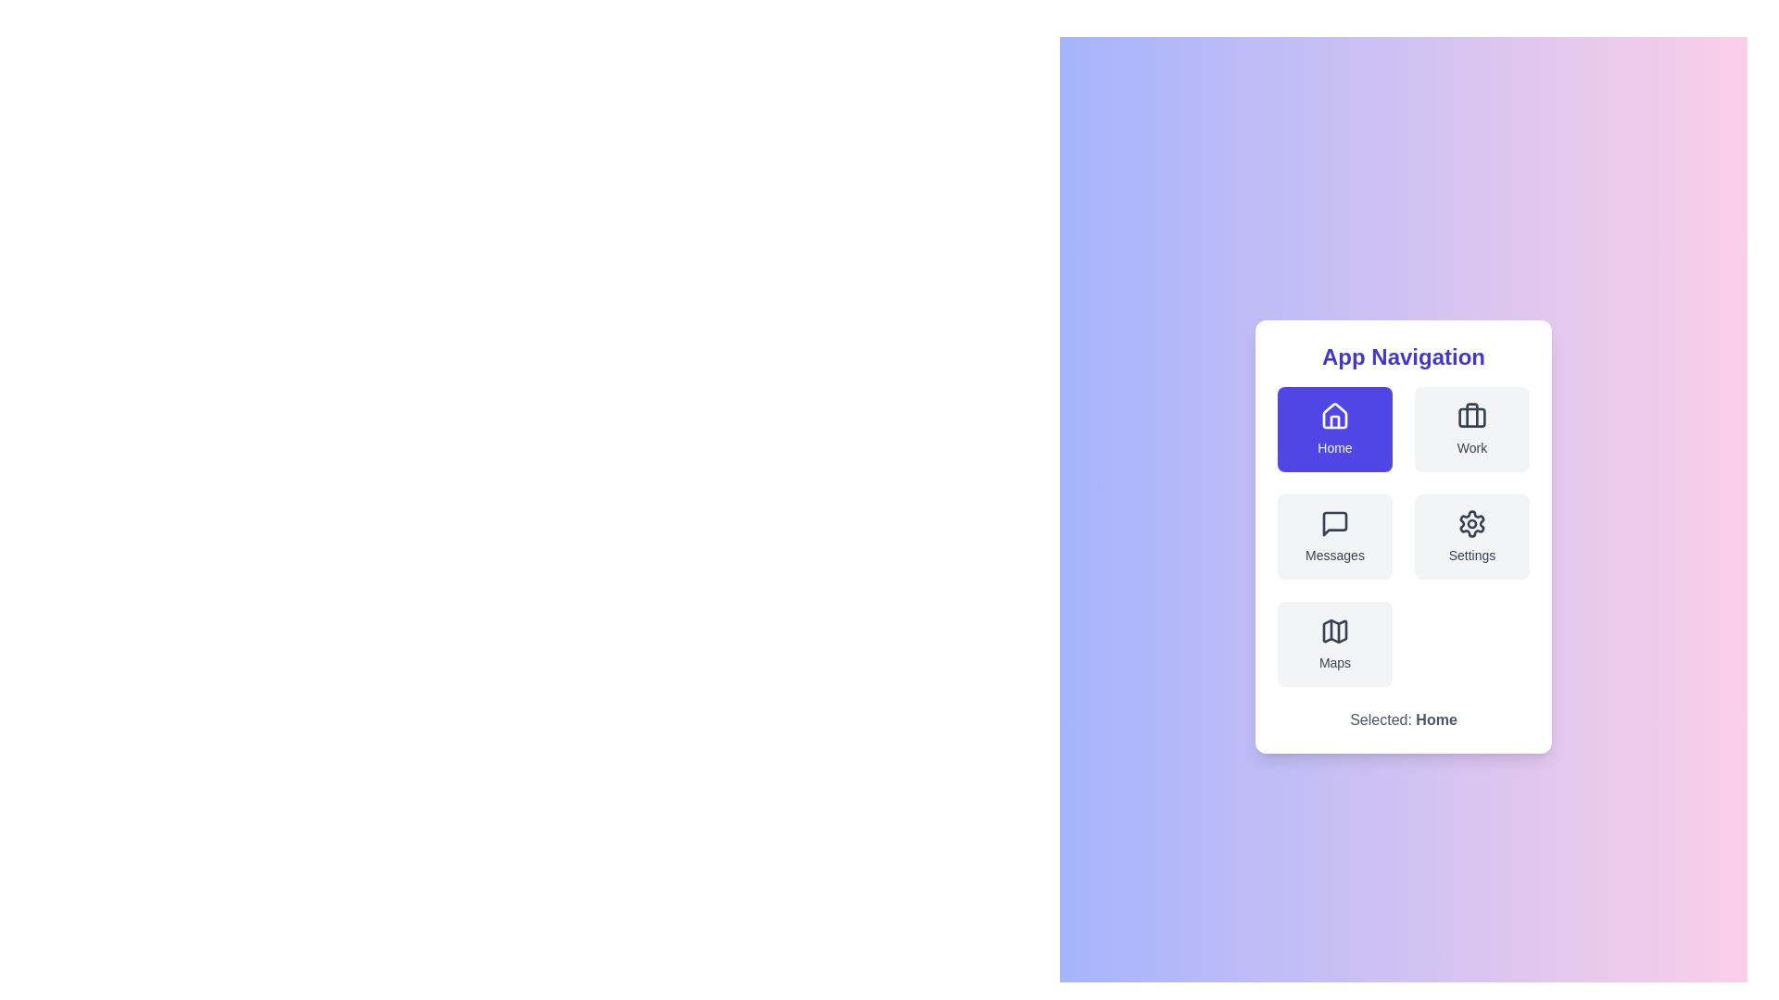  I want to click on the menu item labeled Maps to preview its visual feedback, so click(1334, 643).